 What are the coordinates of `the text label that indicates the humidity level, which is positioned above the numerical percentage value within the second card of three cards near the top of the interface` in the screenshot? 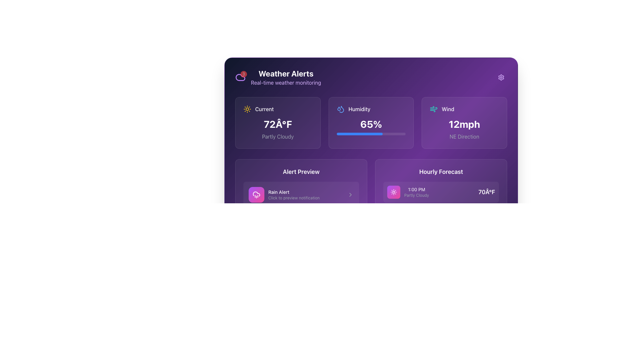 It's located at (359, 109).